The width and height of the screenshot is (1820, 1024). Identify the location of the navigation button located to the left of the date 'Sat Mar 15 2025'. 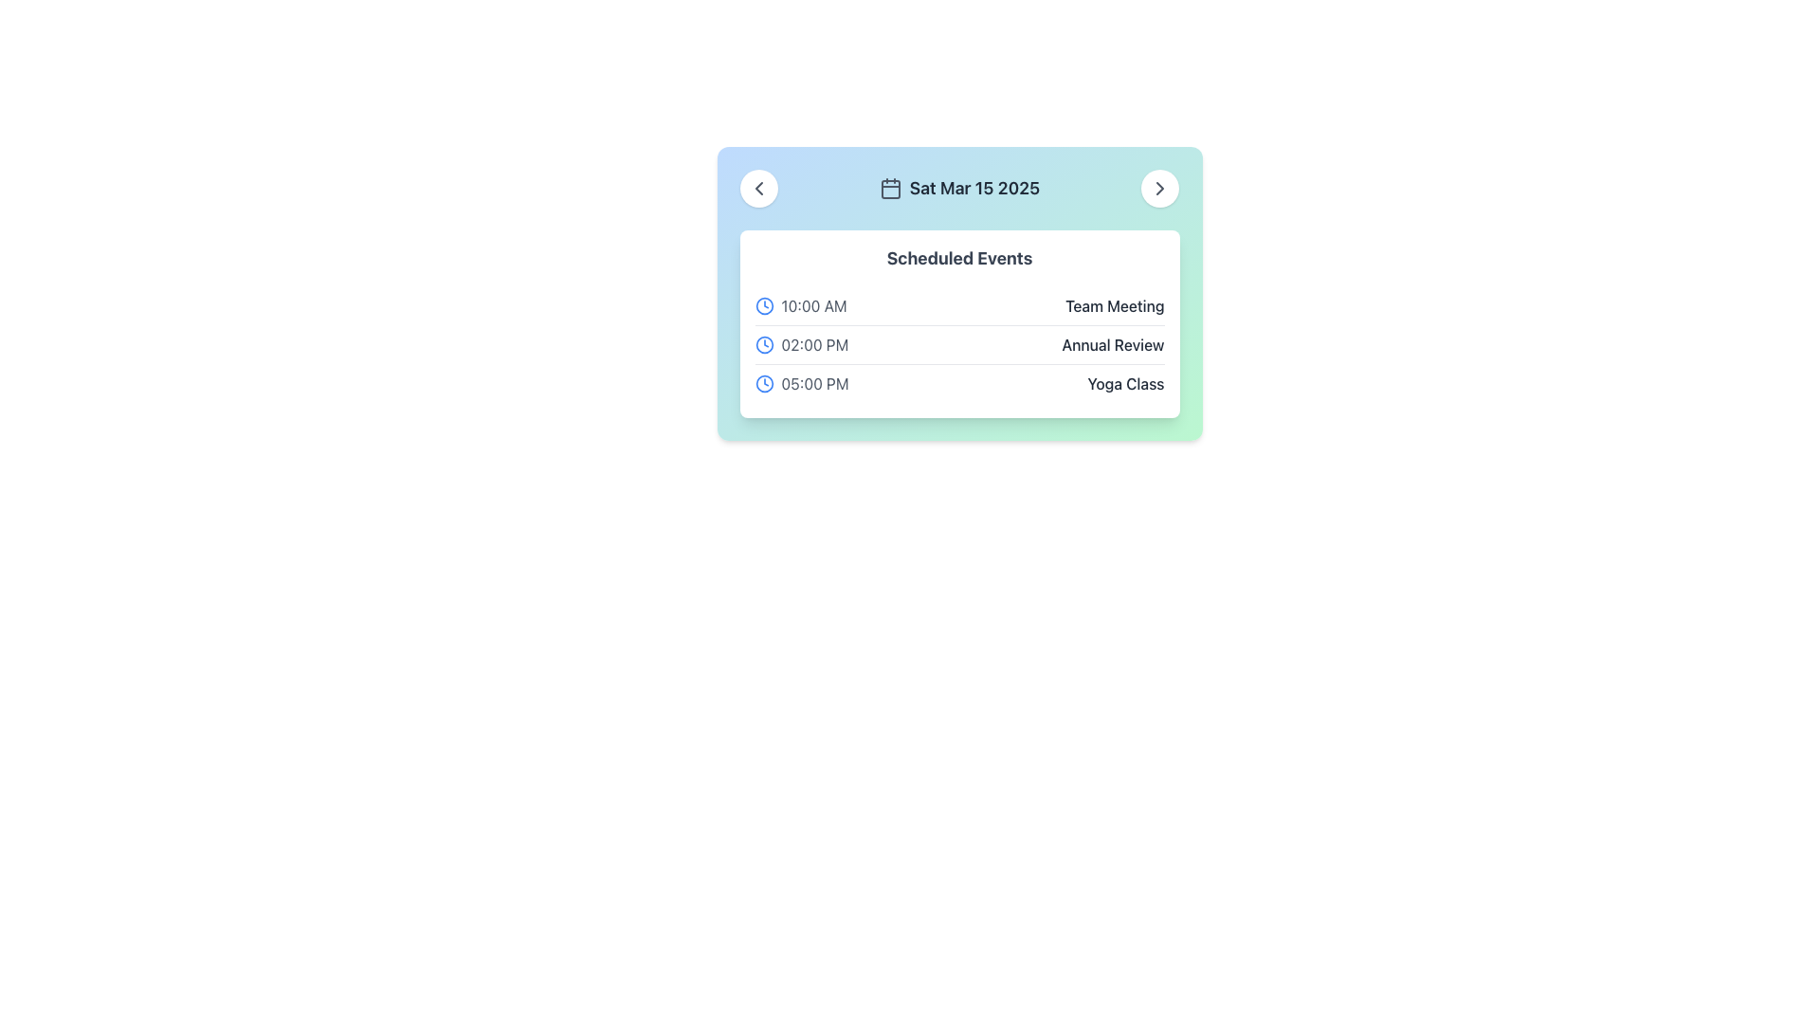
(758, 189).